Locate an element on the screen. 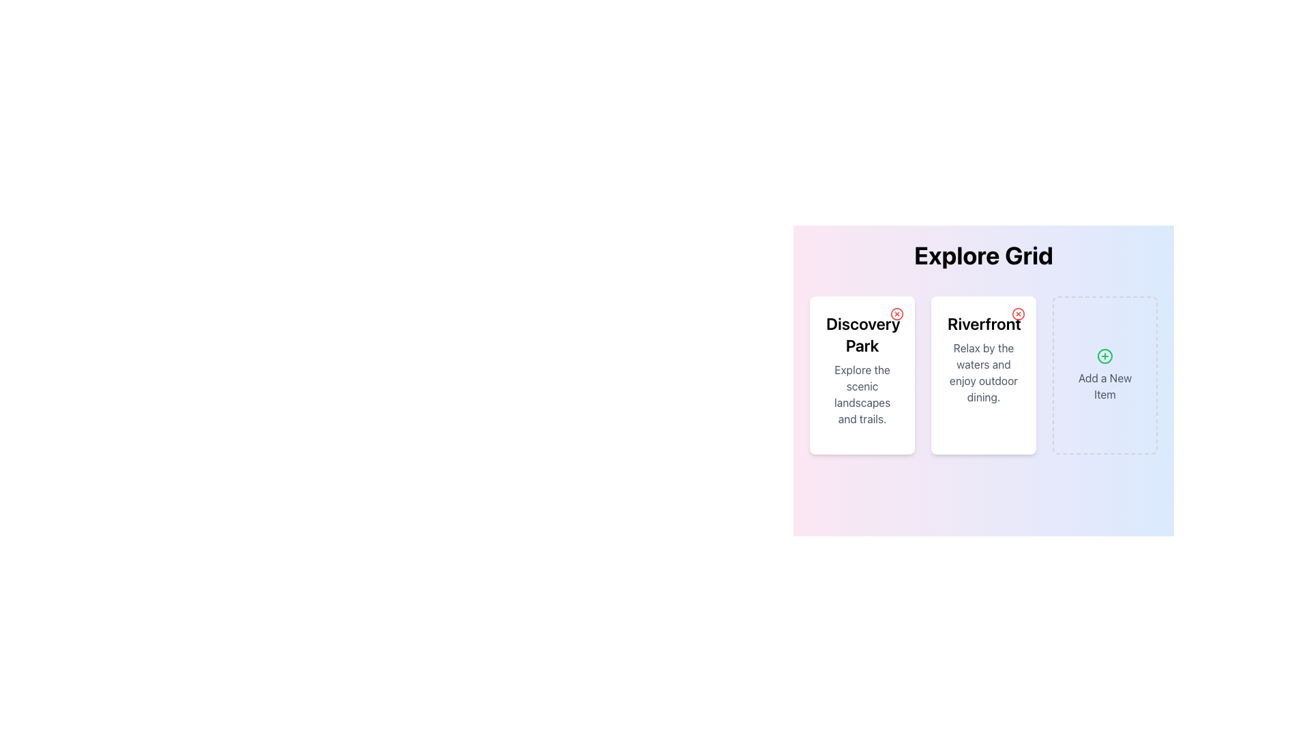 This screenshot has height=736, width=1309. the Icon component of the 'Add a New Item' button located in the third card of the grid layout below the 'Explore Grid' title is located at coordinates (1105, 356).